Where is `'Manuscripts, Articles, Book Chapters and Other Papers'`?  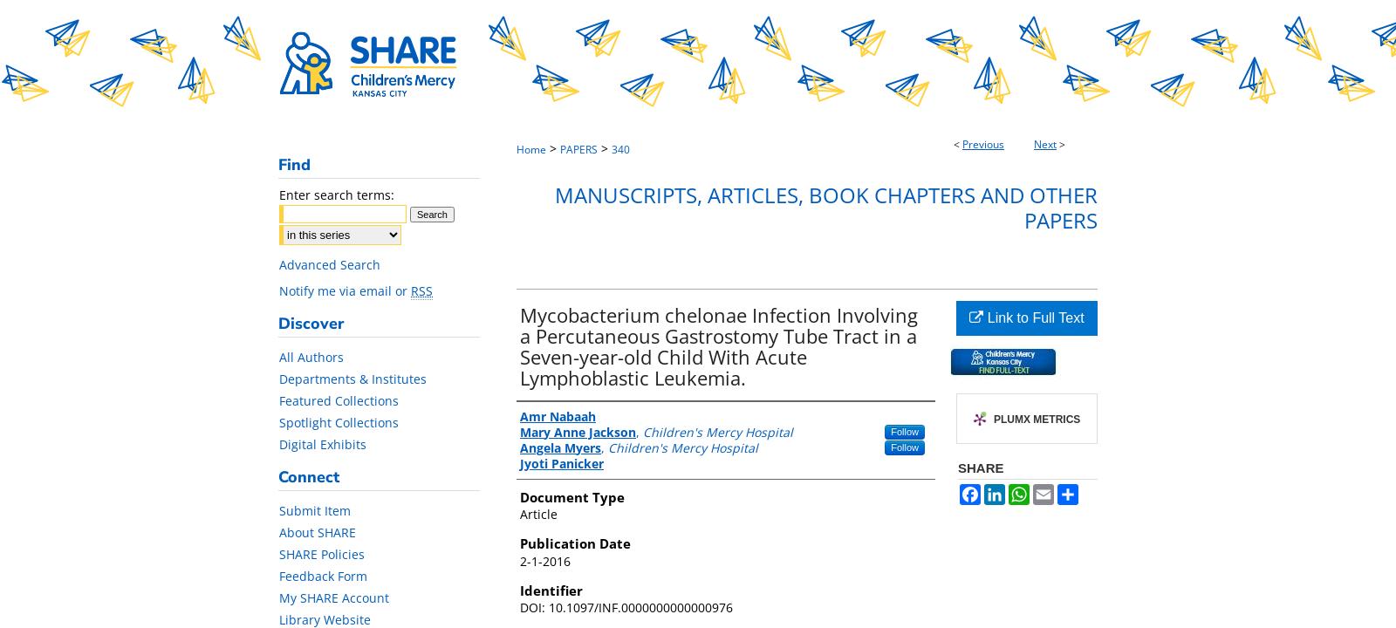
'Manuscripts, Articles, Book Chapters and Other Papers' is located at coordinates (825, 206).